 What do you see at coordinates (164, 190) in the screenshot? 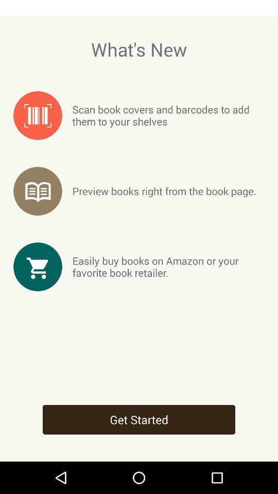
I see `the preview books right icon` at bounding box center [164, 190].